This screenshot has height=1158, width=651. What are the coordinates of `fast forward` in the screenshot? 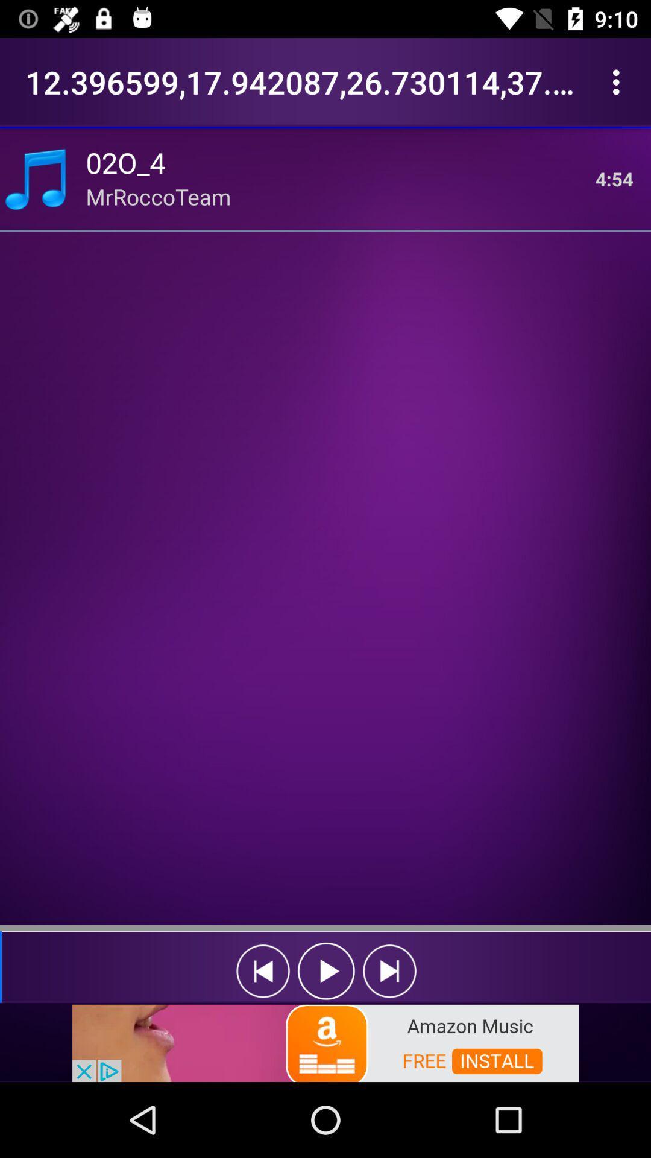 It's located at (389, 971).